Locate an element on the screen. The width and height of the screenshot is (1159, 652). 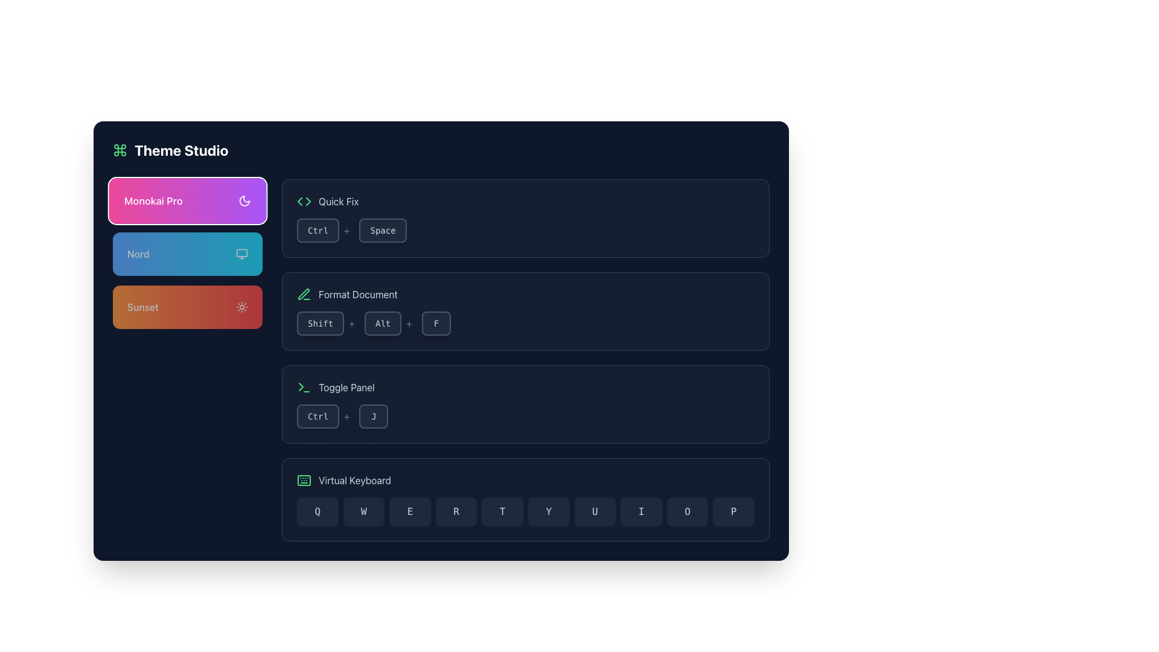
the 'Ctrl' key button-like display component, which represents part of a keyboard shortcut combination, positioned to the left of a '+' symbol in the 'Quick Fix' area is located at coordinates (318, 230).